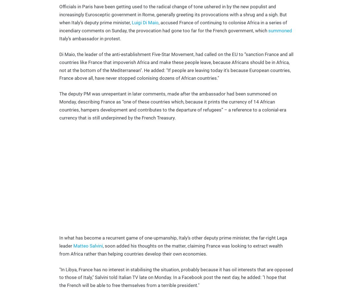  What do you see at coordinates (172, 106) in the screenshot?
I see `'The deputy PM was unrepentant in later comments, made after the ambassador had been summoned on Monday, describing France as “one of these countries which, because it prints the currency of 14 African countries, hampers development and contributes to the departure of refugees” – a reference to a colonial-era currency that is still underpinned by the French Treasury.'` at bounding box center [172, 106].